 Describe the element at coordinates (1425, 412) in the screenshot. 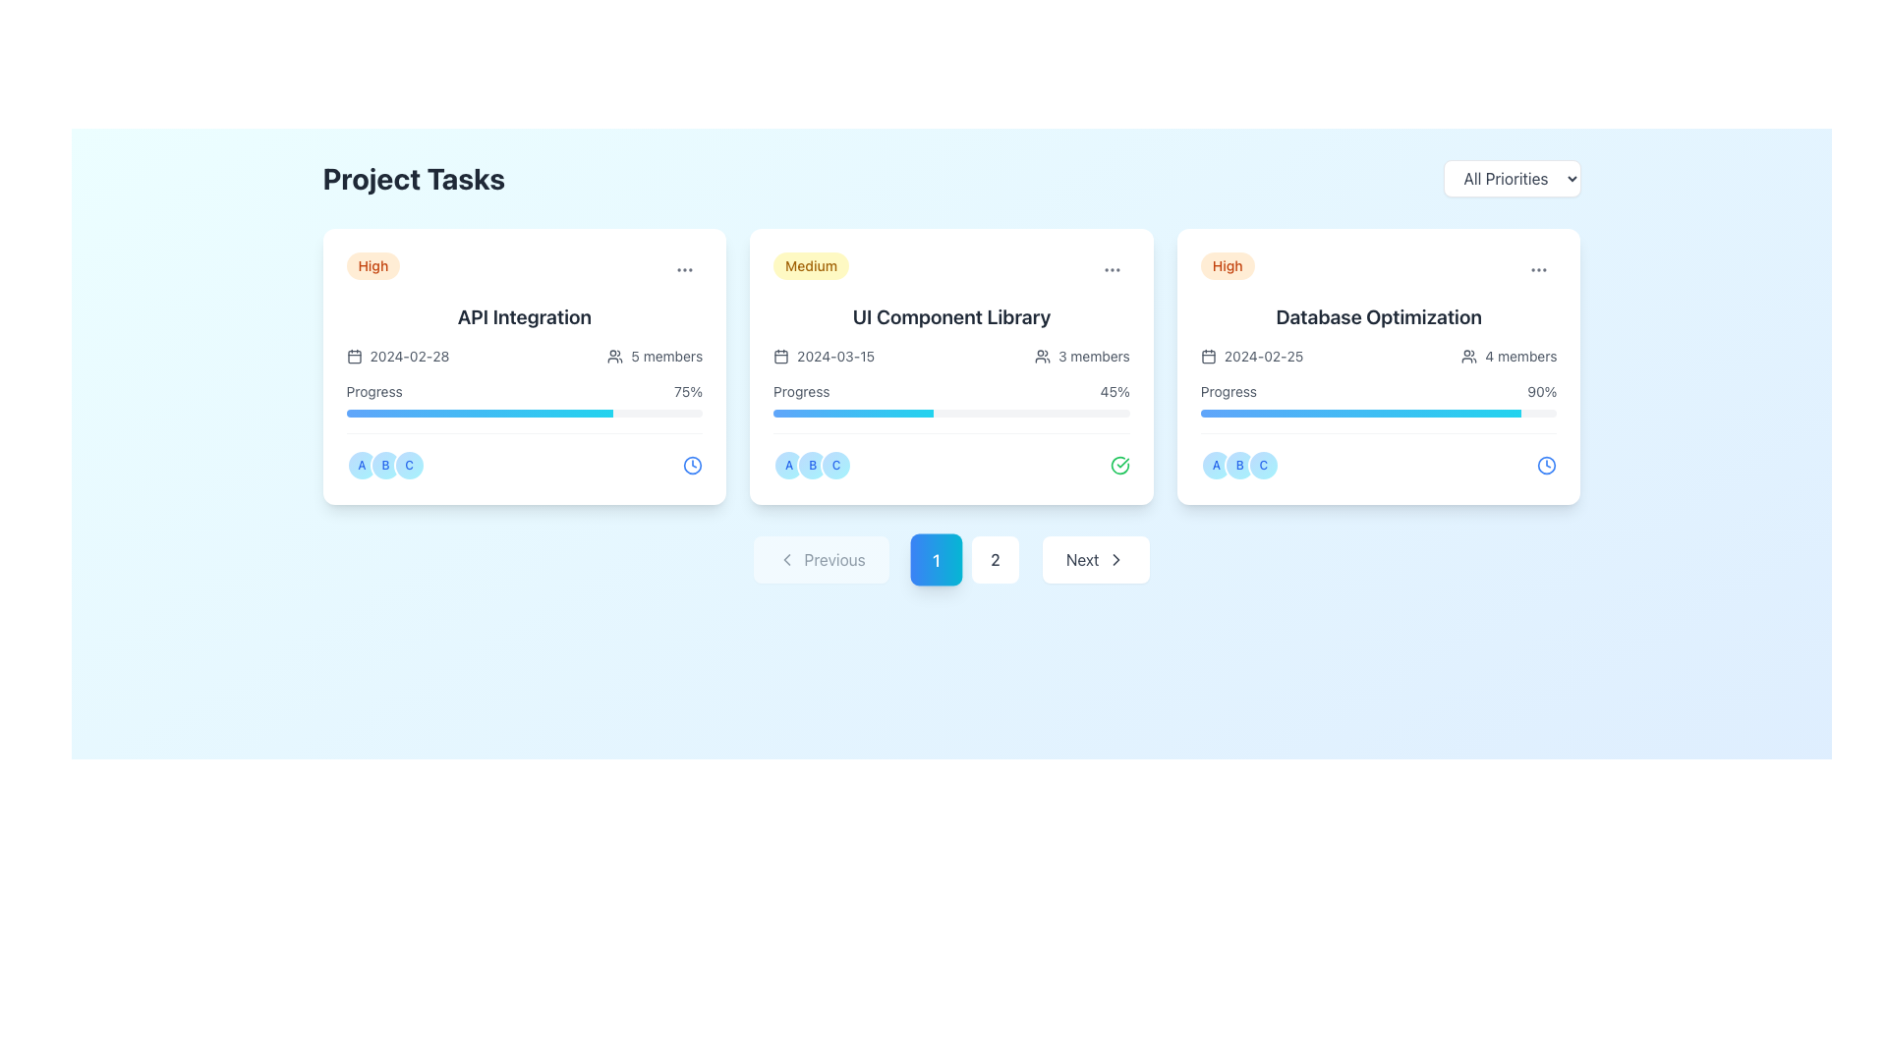

I see `progress` at that location.